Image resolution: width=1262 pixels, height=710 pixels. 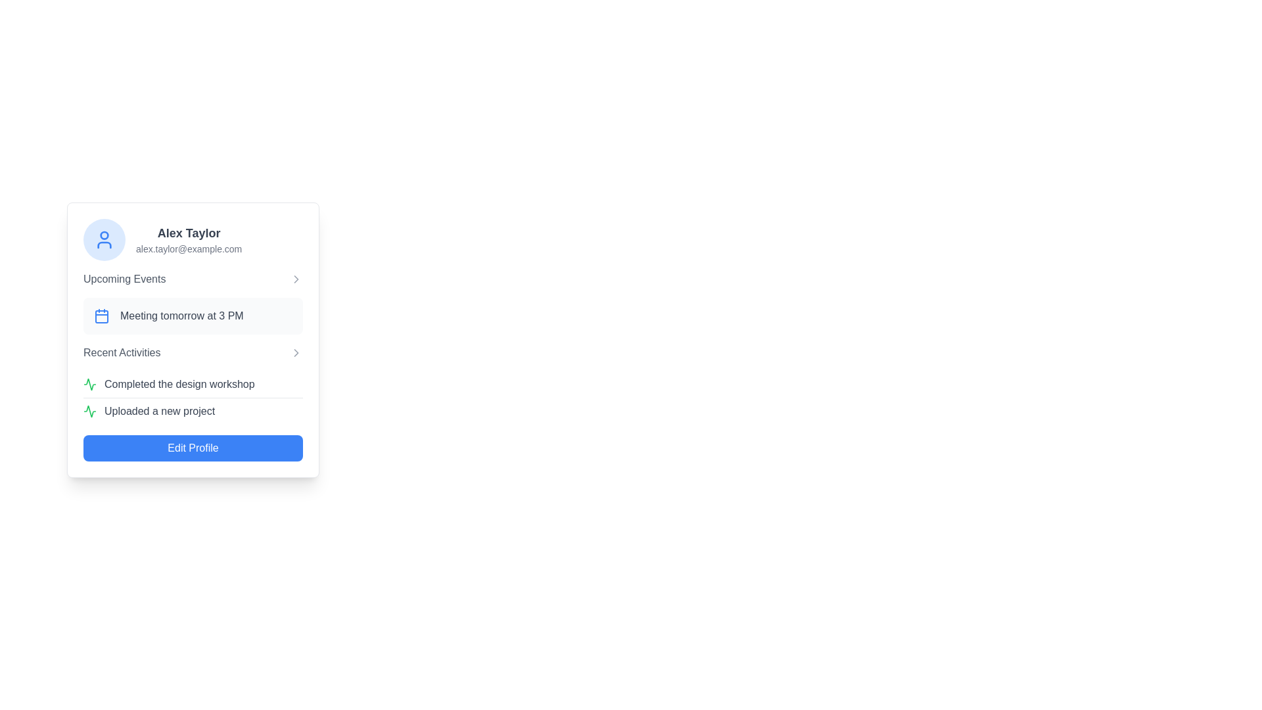 I want to click on the first item in the 'Recent Activities' section which shows the text 'Completed the design workshop.' and has a green waveform icon, so click(x=192, y=385).